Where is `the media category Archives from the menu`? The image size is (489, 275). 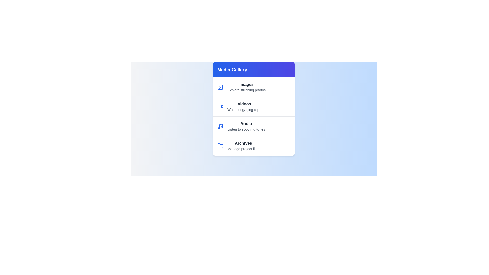 the media category Archives from the menu is located at coordinates (254, 146).